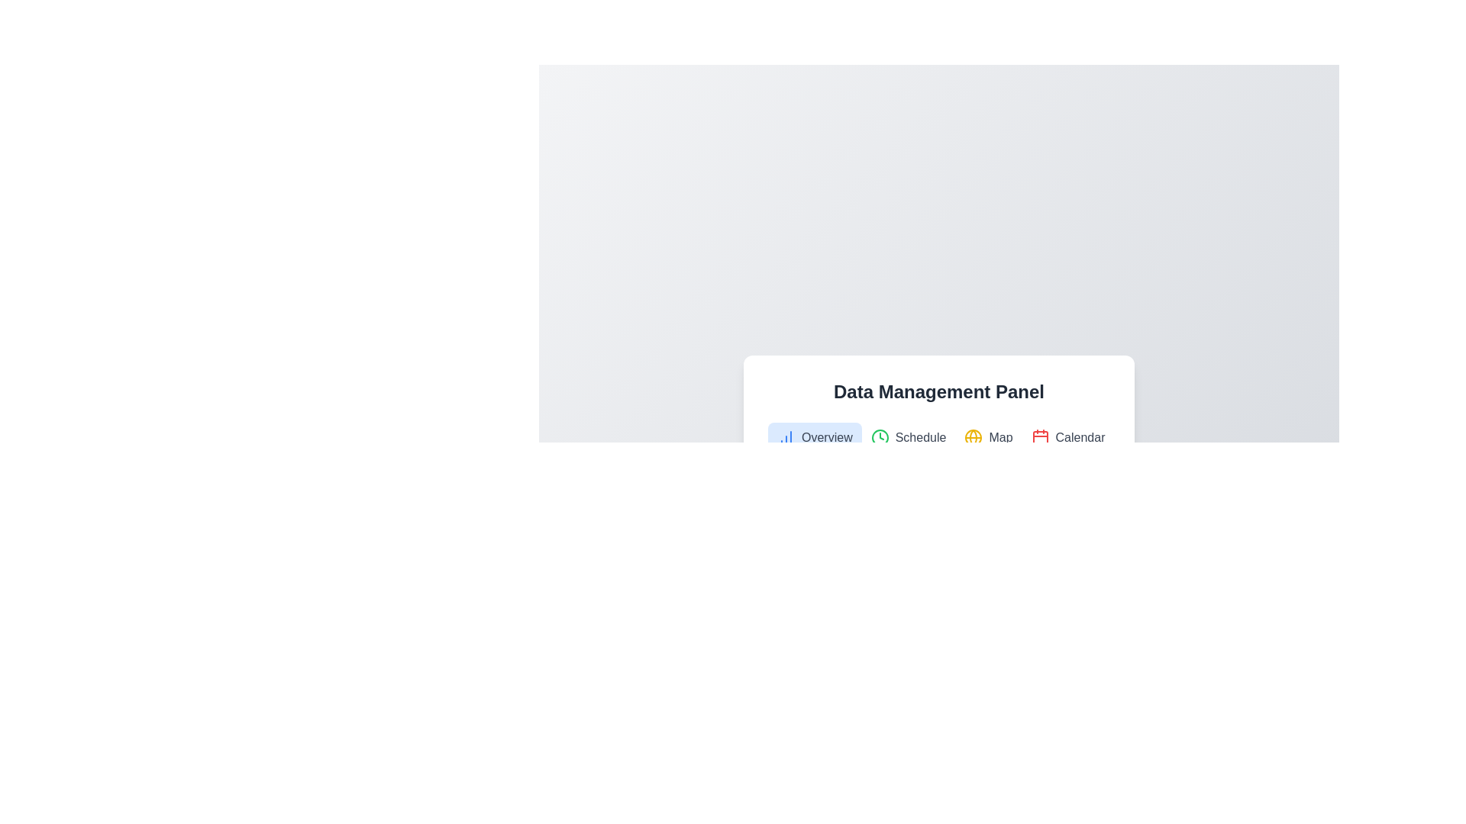 The height and width of the screenshot is (824, 1466). Describe the element at coordinates (1039, 438) in the screenshot. I see `the red outlined calendar icon located in the navigation bar to the left of the 'Calendar' text` at that location.